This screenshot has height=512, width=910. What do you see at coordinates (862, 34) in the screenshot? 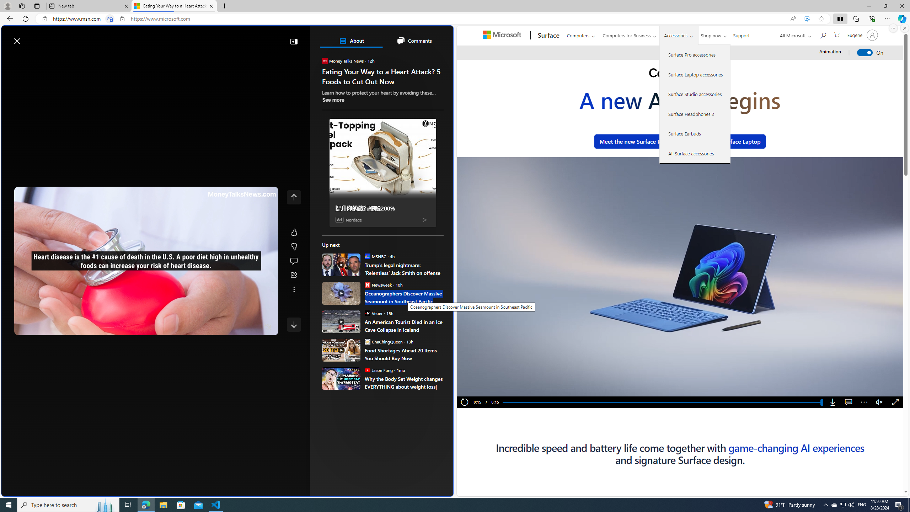
I see `'Account manager for Eugene'` at bounding box center [862, 34].